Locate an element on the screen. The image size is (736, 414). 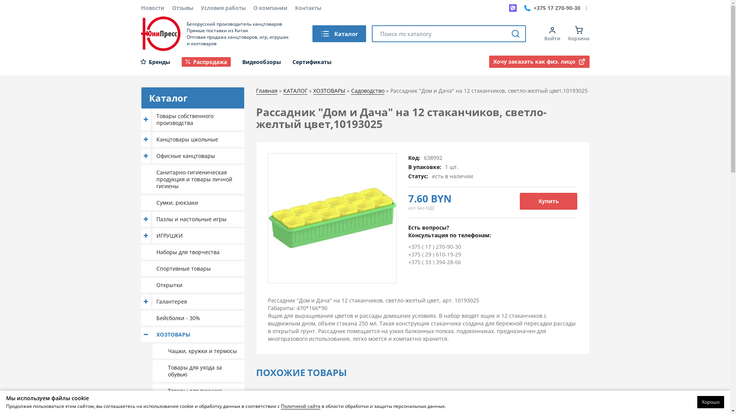
'+375 ( 17 ) 270-90-30' is located at coordinates (434, 246).